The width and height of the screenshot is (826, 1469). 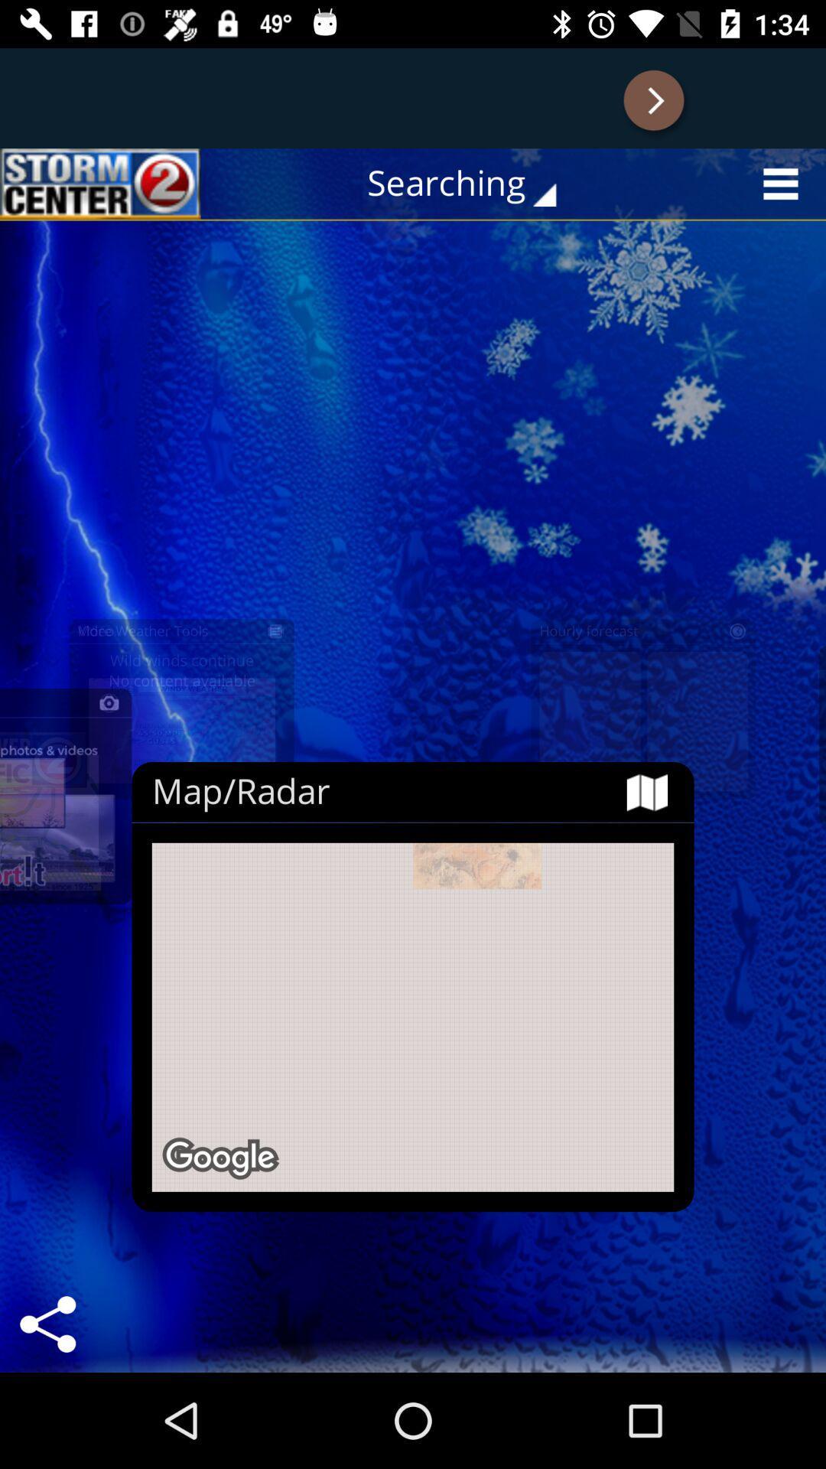 What do you see at coordinates (47, 1324) in the screenshot?
I see `the share icon` at bounding box center [47, 1324].